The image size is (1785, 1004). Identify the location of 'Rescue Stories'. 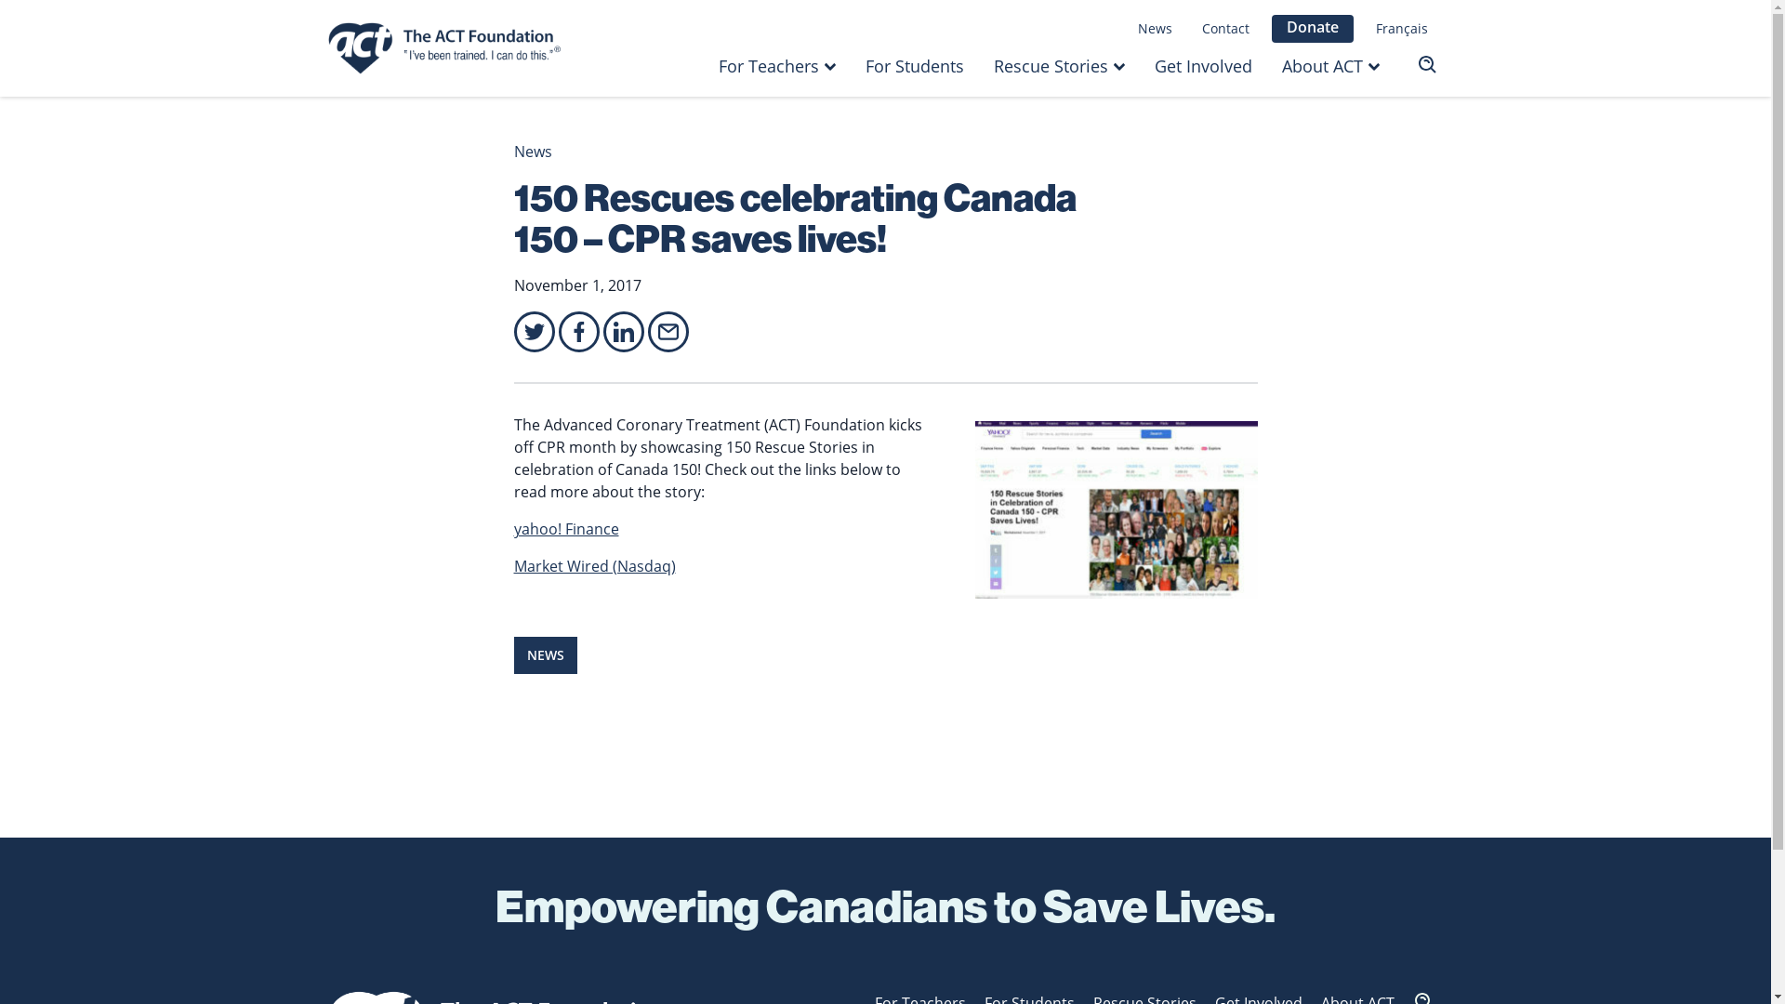
(977, 64).